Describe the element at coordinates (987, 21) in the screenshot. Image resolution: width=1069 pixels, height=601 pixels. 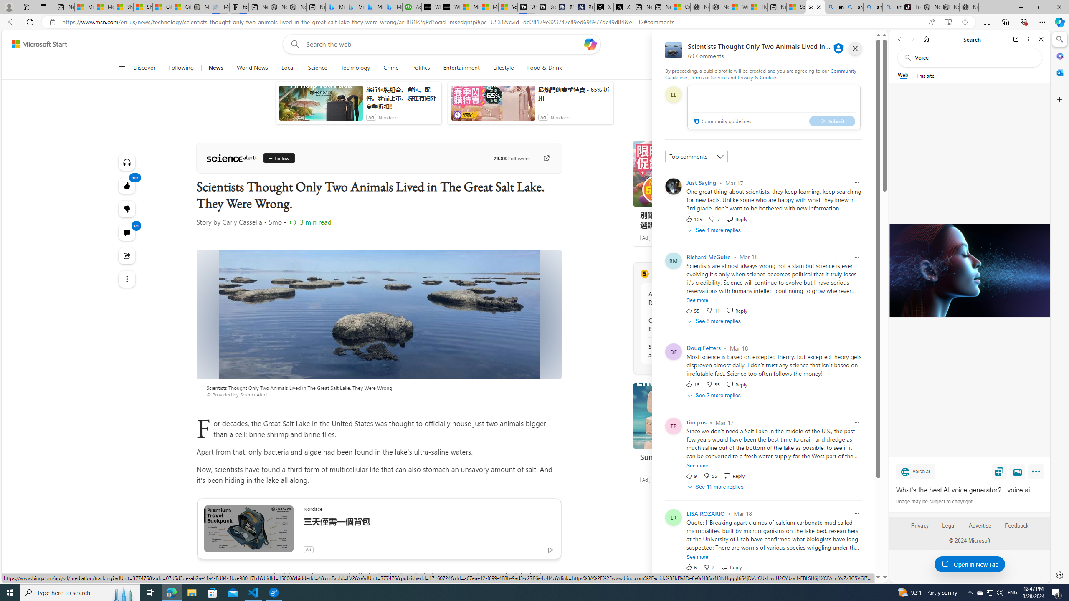
I see `'Split screen'` at that location.